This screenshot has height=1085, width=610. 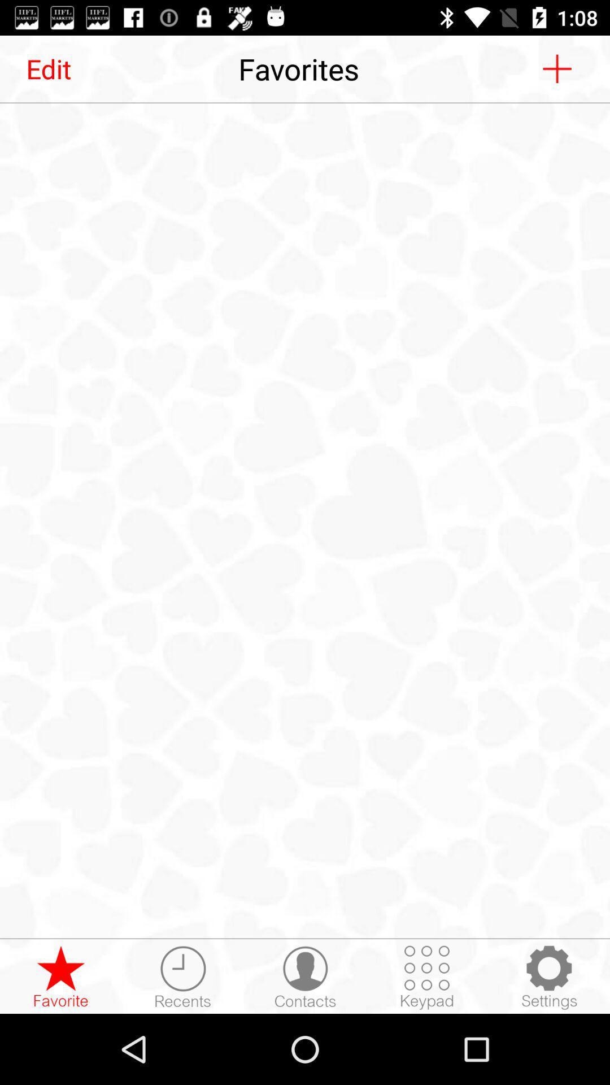 What do you see at coordinates (305, 976) in the screenshot?
I see `contacts icon` at bounding box center [305, 976].